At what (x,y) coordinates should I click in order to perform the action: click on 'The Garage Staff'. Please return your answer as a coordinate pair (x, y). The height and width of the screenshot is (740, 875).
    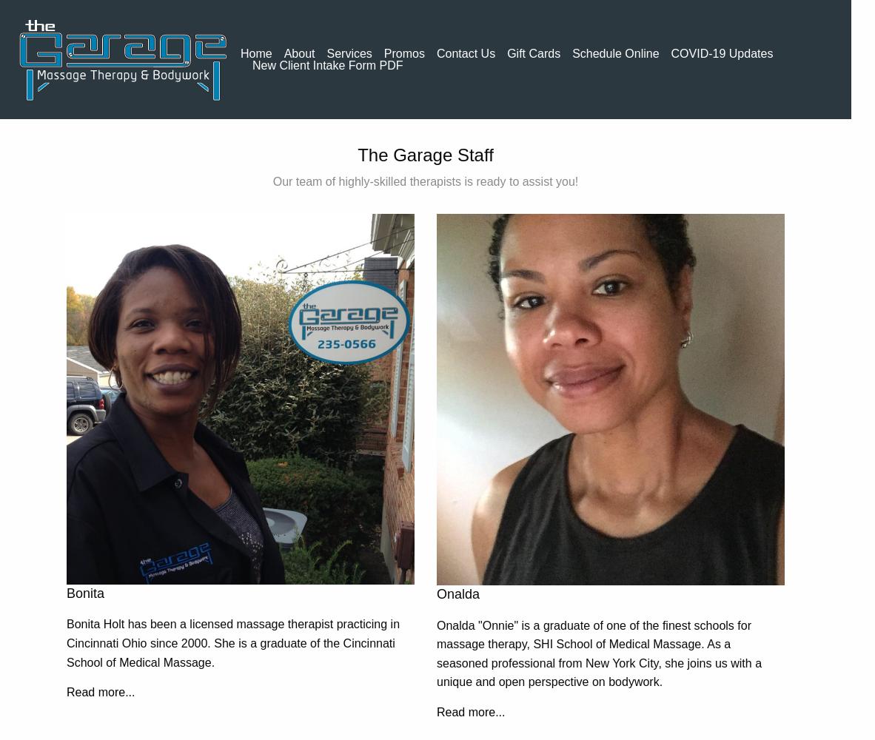
    Looking at the image, I should click on (425, 154).